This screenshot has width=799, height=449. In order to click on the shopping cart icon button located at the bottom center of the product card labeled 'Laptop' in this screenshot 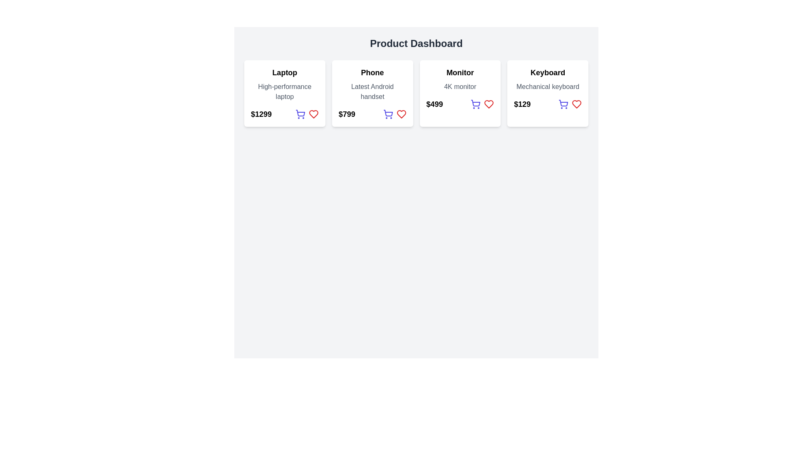, I will do `click(300, 114)`.